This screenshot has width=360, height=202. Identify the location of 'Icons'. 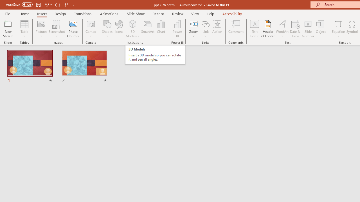
(119, 29).